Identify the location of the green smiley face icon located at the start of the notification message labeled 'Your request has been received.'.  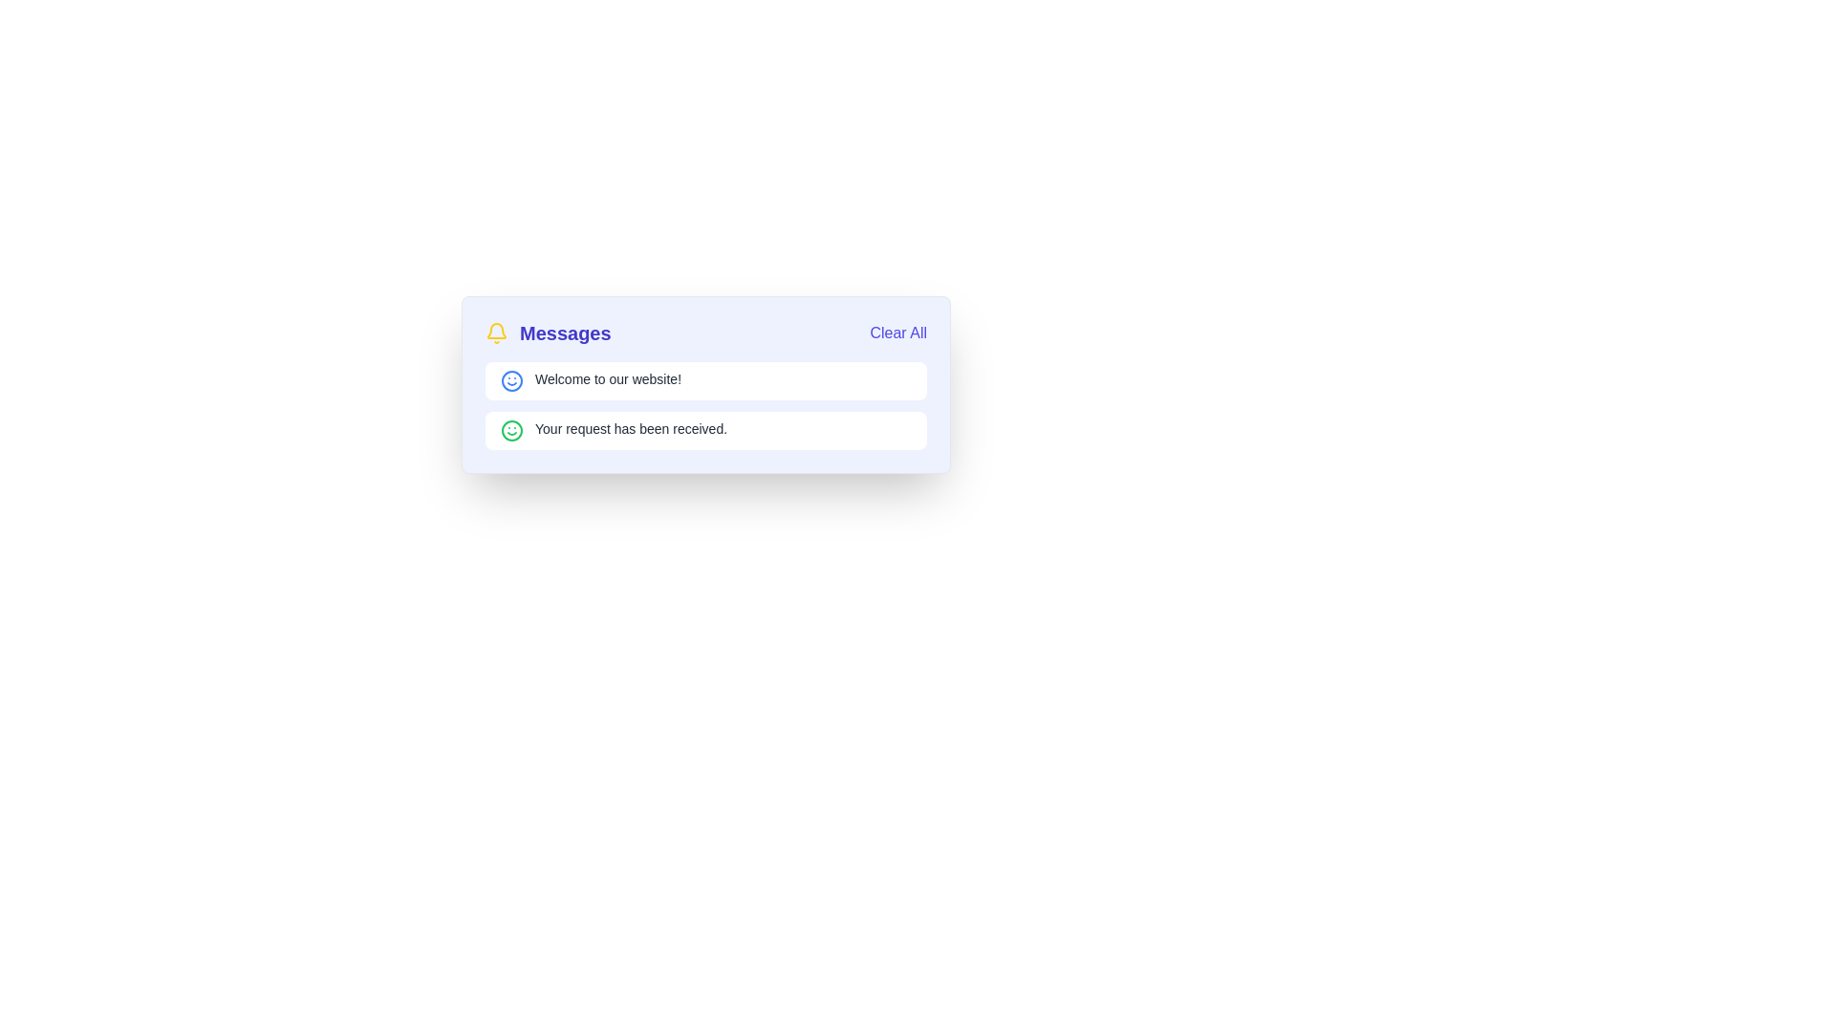
(512, 431).